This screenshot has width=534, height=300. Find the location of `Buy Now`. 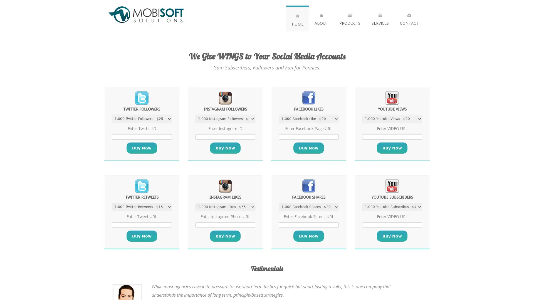

Buy Now is located at coordinates (225, 236).